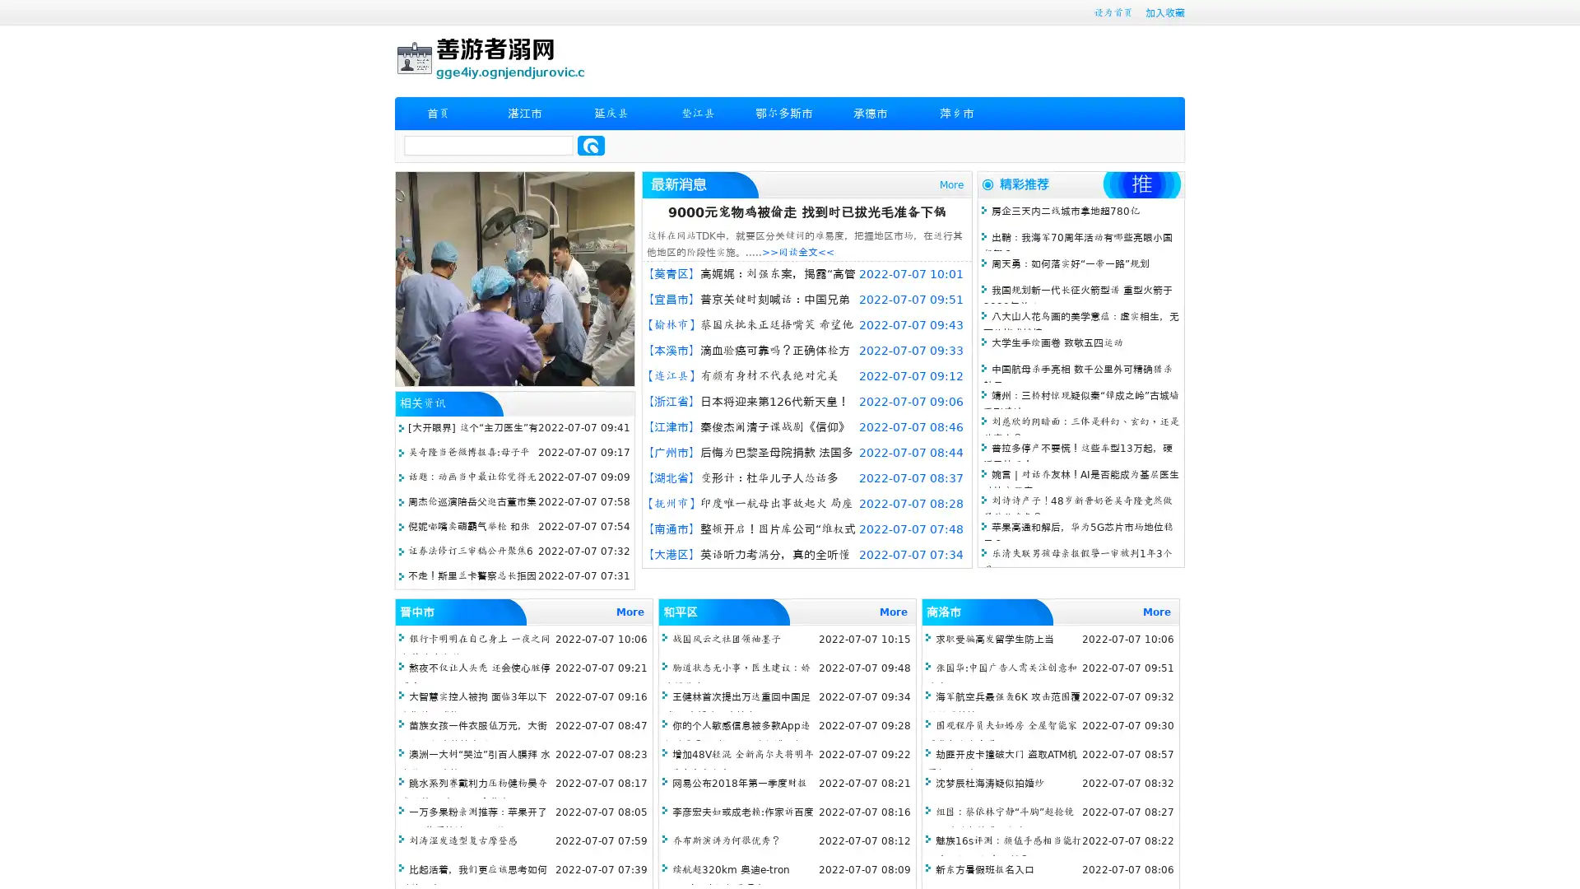 Image resolution: width=1580 pixels, height=889 pixels. Describe the element at coordinates (591, 145) in the screenshot. I see `Search` at that location.